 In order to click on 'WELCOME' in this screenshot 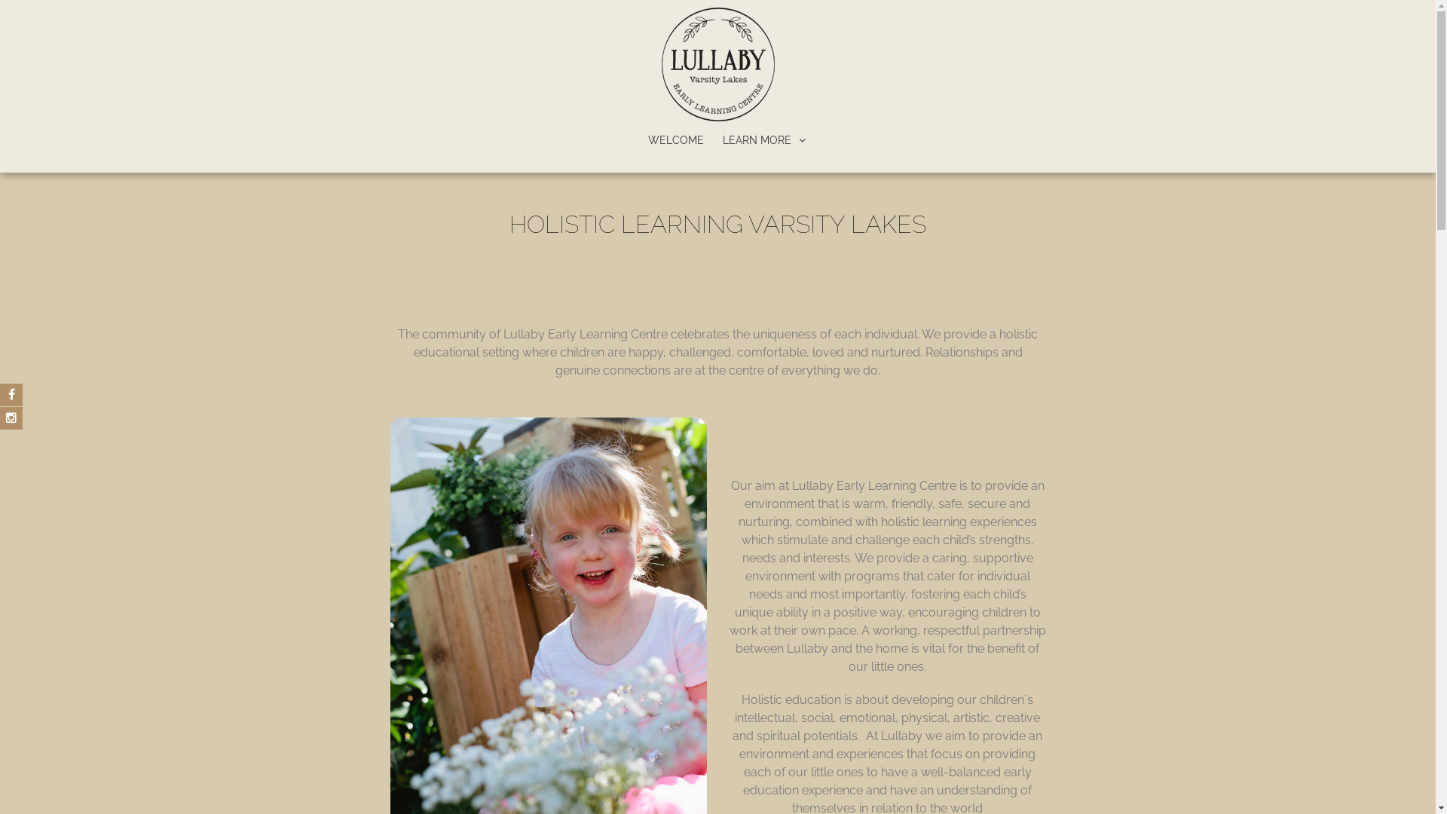, I will do `click(675, 140)`.